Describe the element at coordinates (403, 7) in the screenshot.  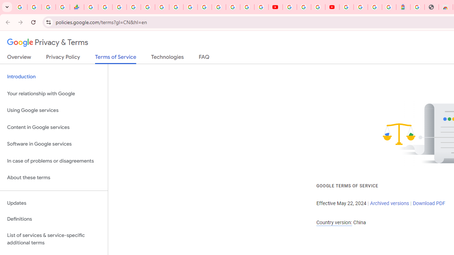
I see `'Atour Hotel - Google hotels'` at that location.